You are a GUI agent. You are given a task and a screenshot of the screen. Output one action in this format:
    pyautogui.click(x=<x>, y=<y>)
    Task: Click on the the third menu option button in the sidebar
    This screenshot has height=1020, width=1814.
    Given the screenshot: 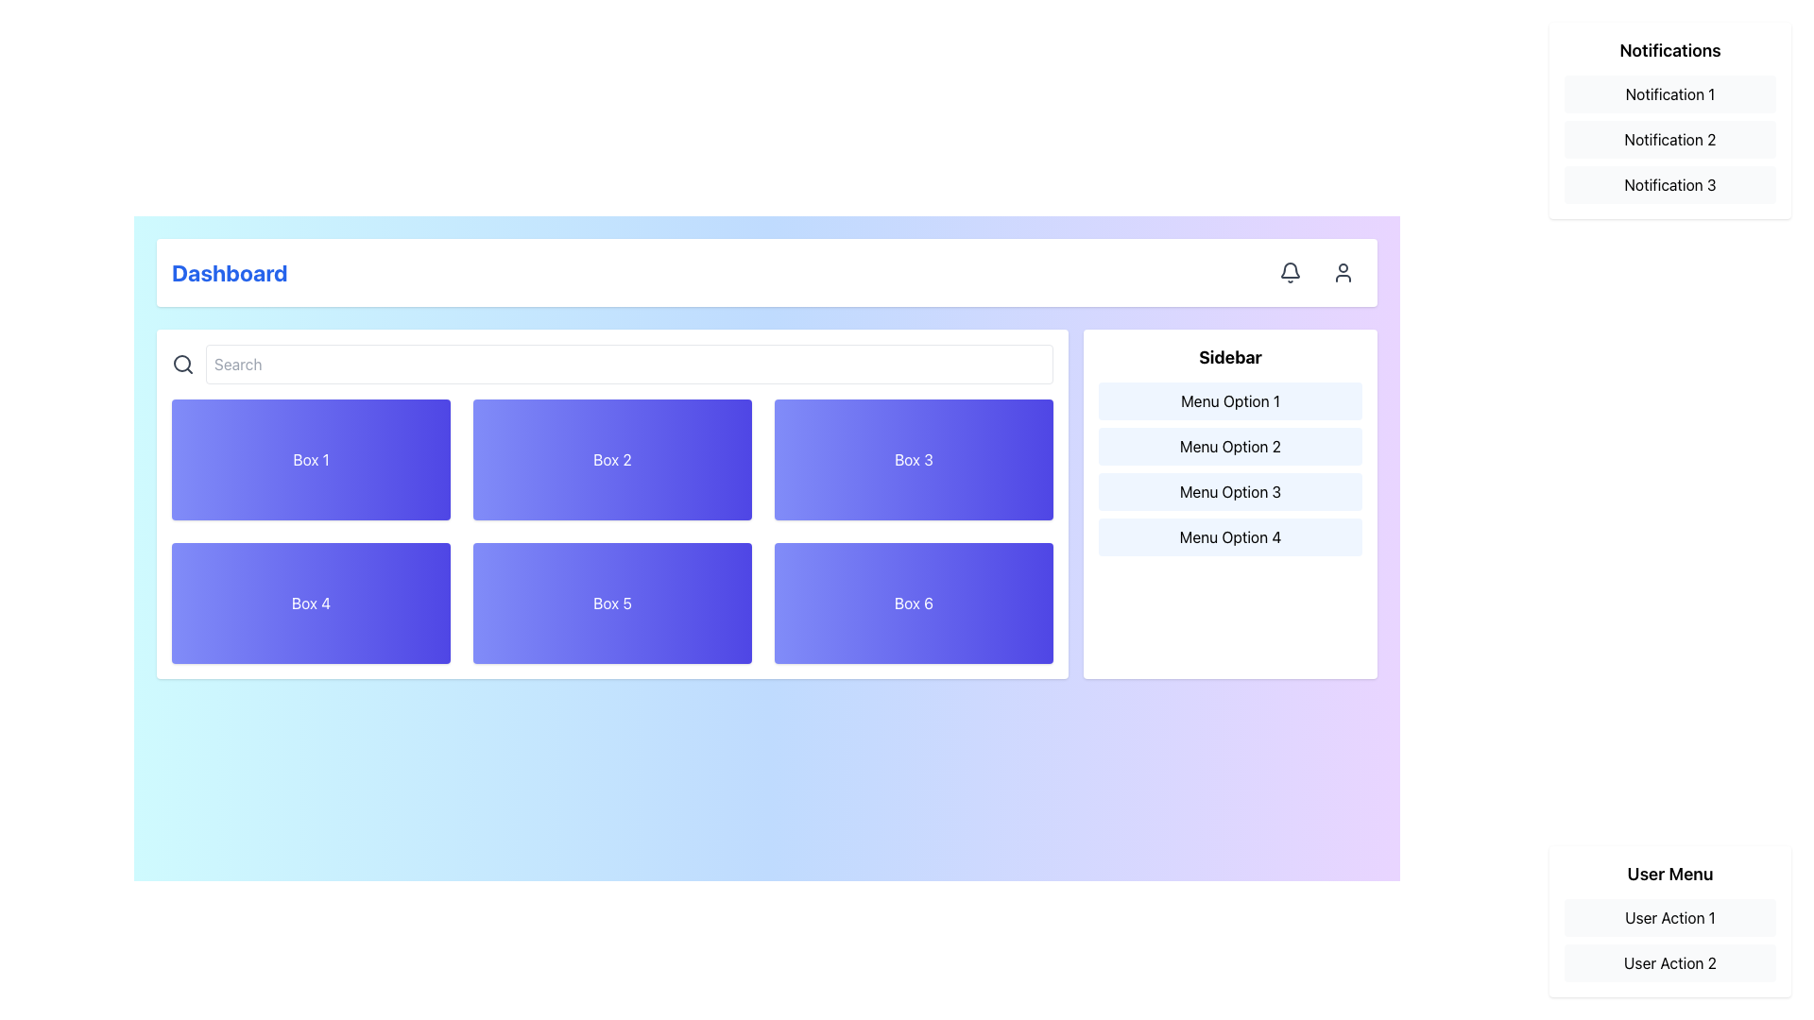 What is the action you would take?
    pyautogui.click(x=1230, y=490)
    